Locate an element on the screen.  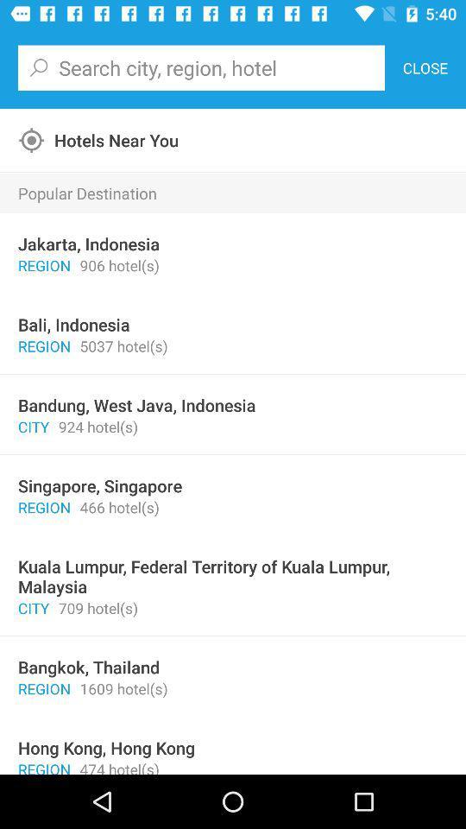
close item is located at coordinates (424, 67).